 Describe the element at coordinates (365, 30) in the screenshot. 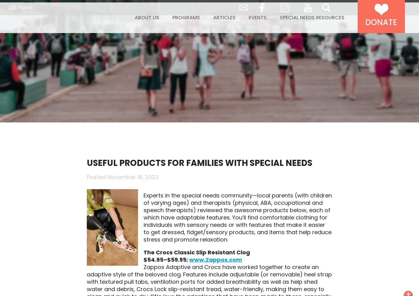

I see `'Donate'` at that location.